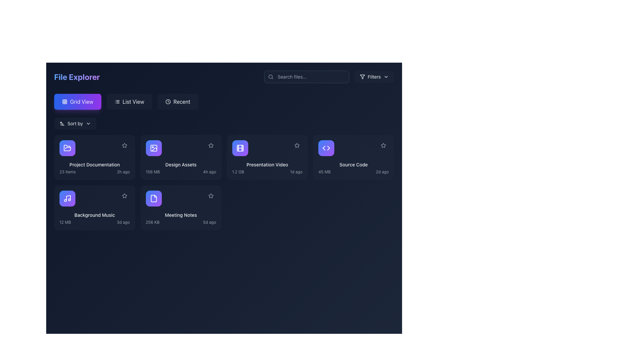 This screenshot has width=638, height=358. Describe the element at coordinates (124, 145) in the screenshot. I see `the star icon outline button in the top-right corner of the first card, adjacent to the 'Project Documentation' text, to observe the hover effect` at that location.